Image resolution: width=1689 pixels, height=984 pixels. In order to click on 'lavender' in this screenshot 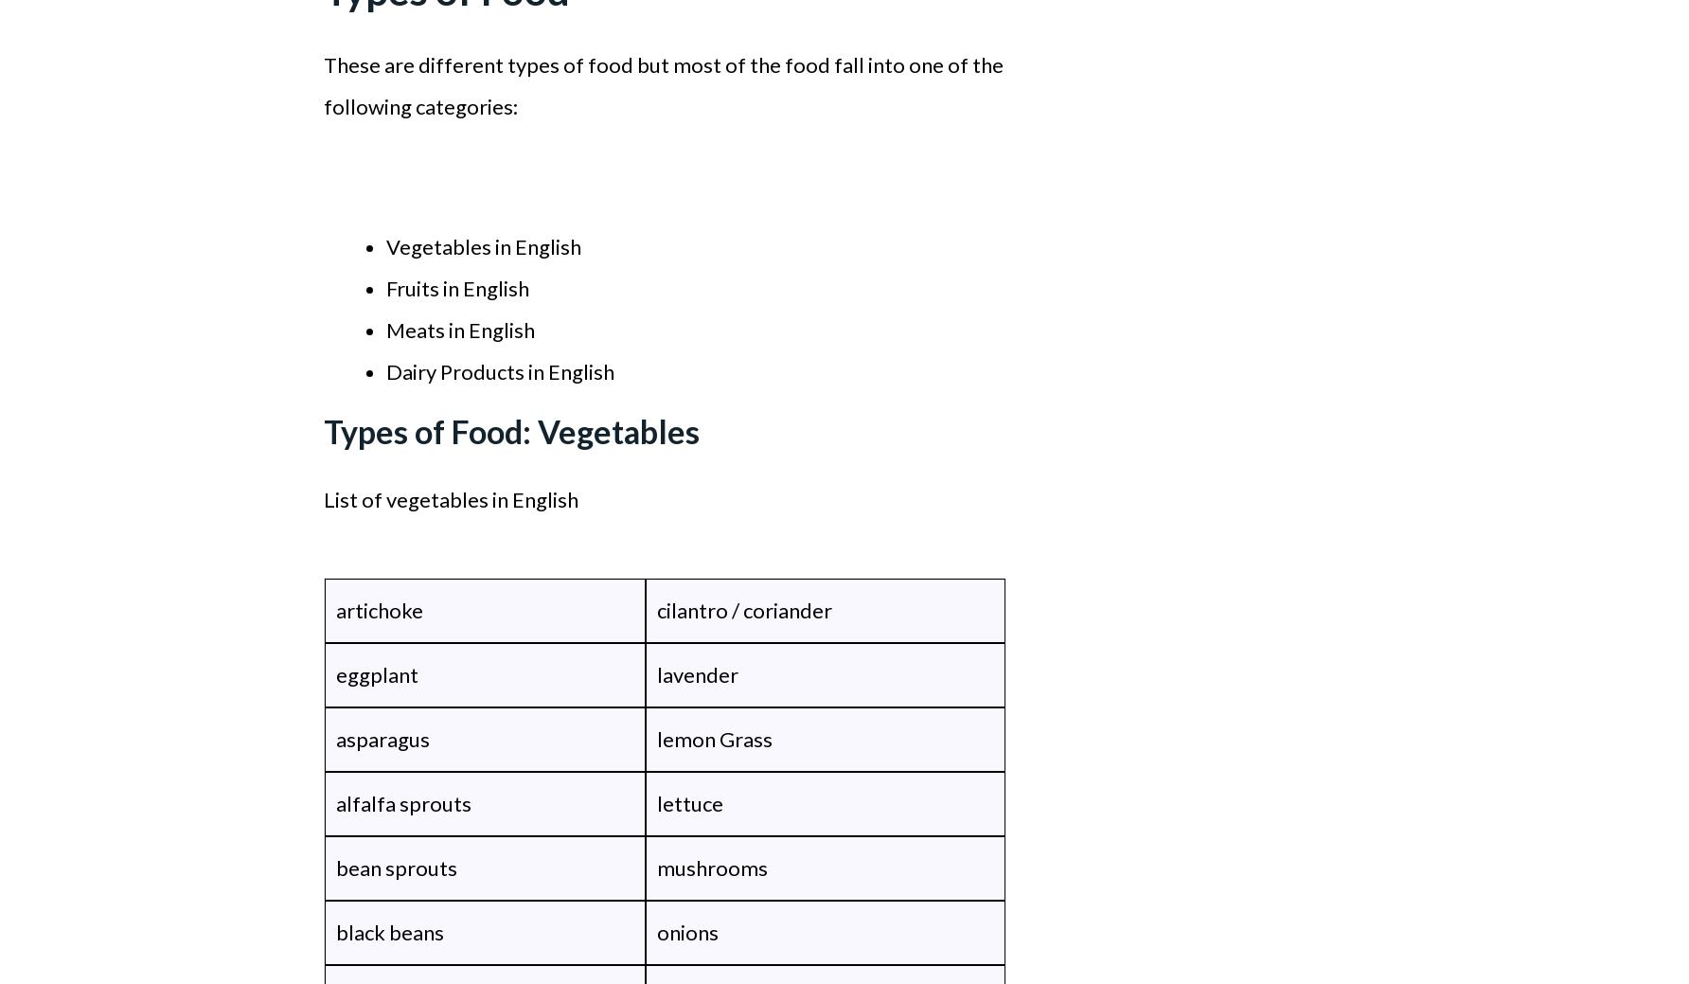, I will do `click(697, 673)`.